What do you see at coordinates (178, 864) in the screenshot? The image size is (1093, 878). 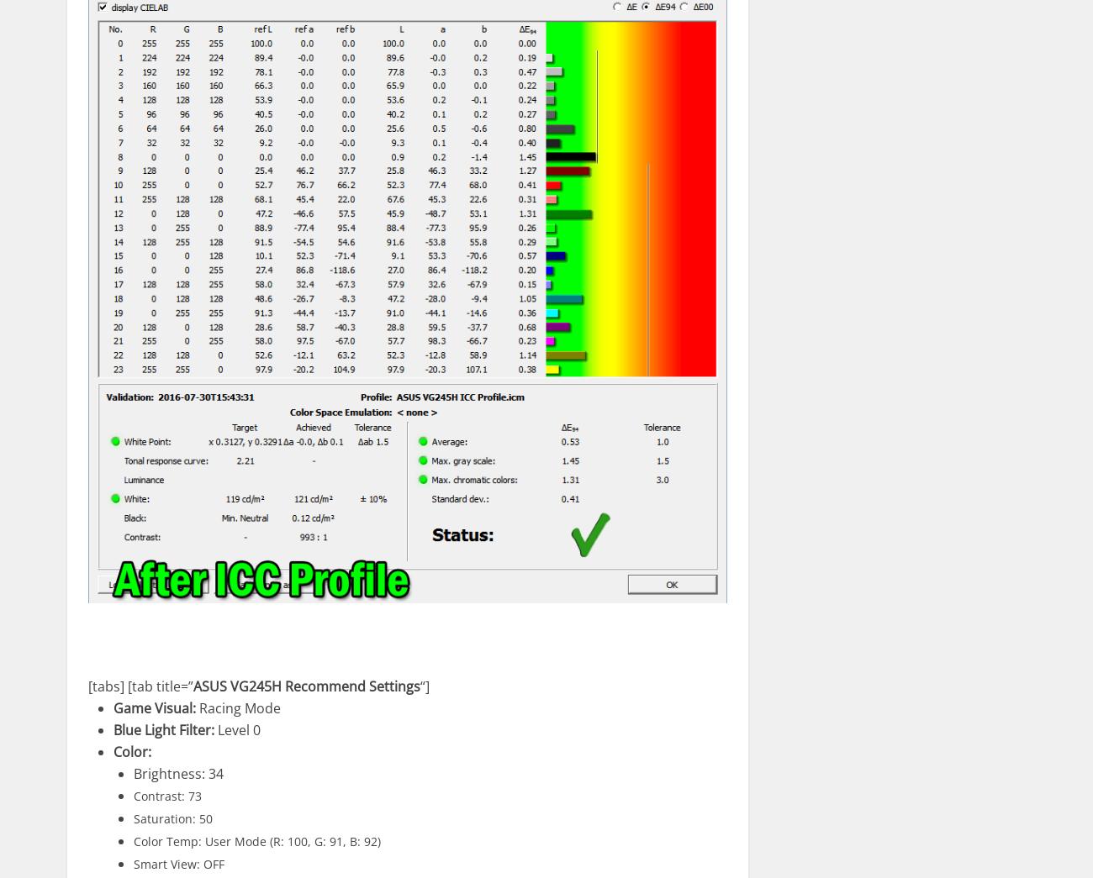 I see `'Smart View: OFF'` at bounding box center [178, 864].